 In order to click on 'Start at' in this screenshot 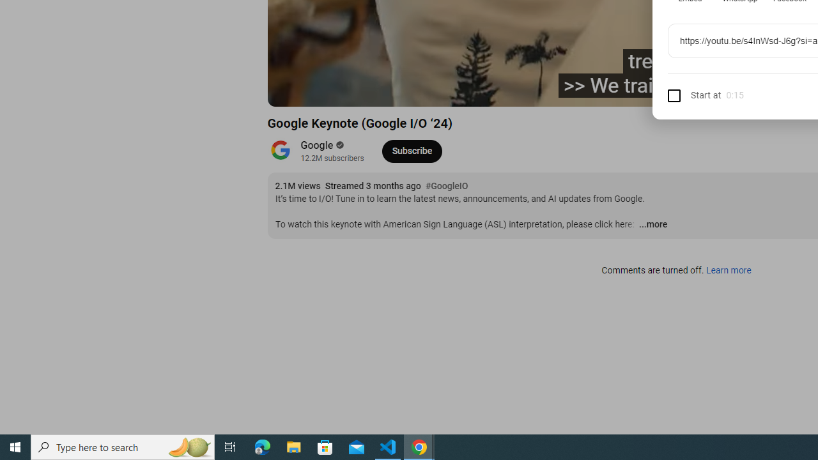, I will do `click(693, 95)`.